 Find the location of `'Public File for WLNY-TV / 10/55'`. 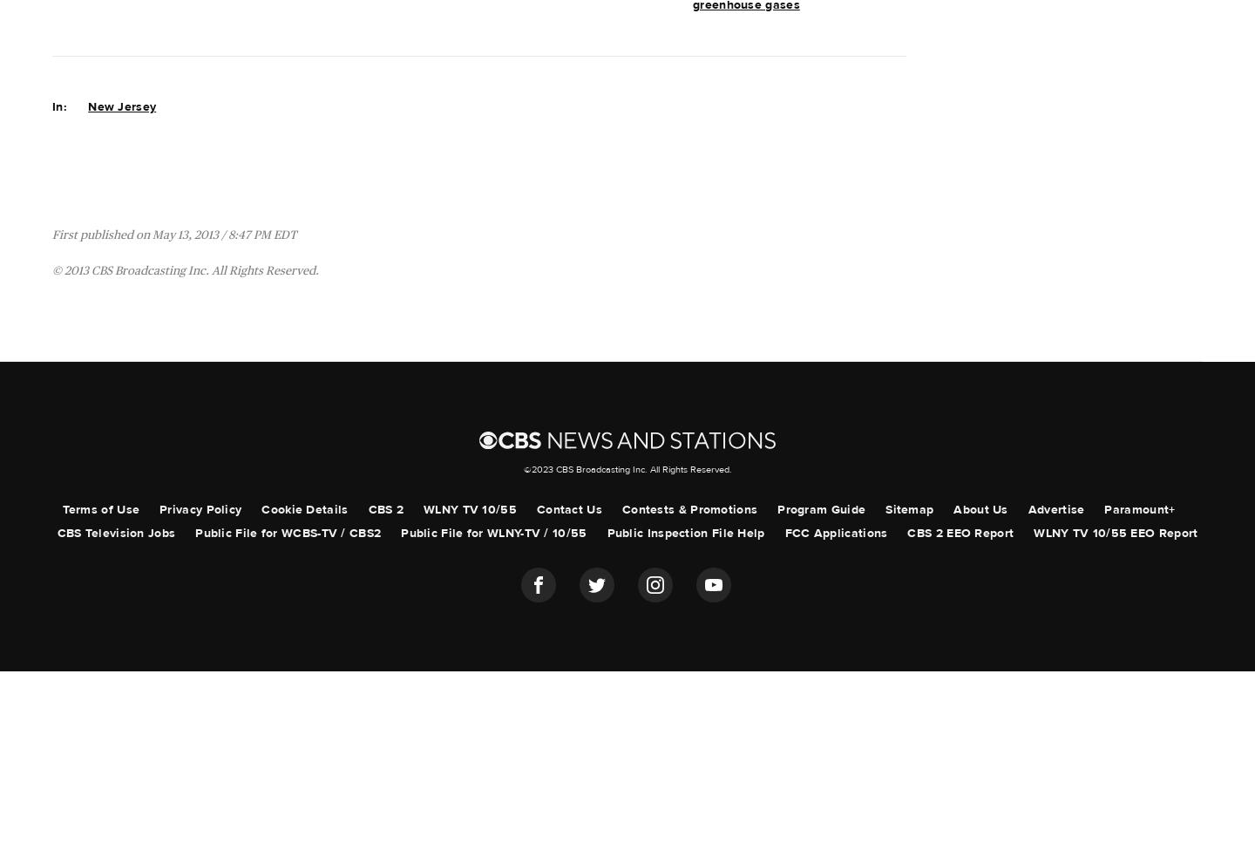

'Public File for WLNY-TV / 10/55' is located at coordinates (493, 532).